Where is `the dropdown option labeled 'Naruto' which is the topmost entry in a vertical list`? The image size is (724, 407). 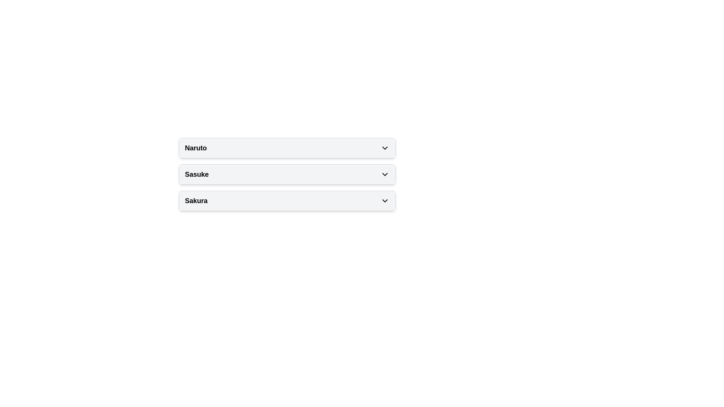
the dropdown option labeled 'Naruto' which is the topmost entry in a vertical list is located at coordinates (287, 148).